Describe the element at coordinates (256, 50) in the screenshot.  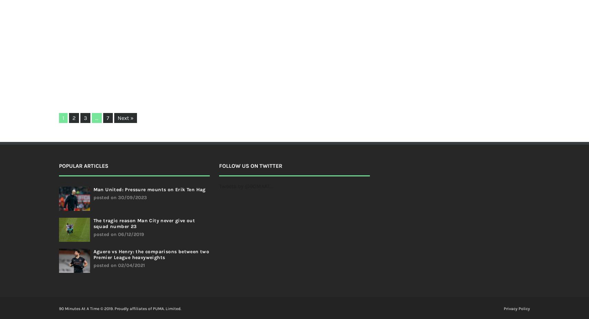
I see `'Will Chattell'` at that location.